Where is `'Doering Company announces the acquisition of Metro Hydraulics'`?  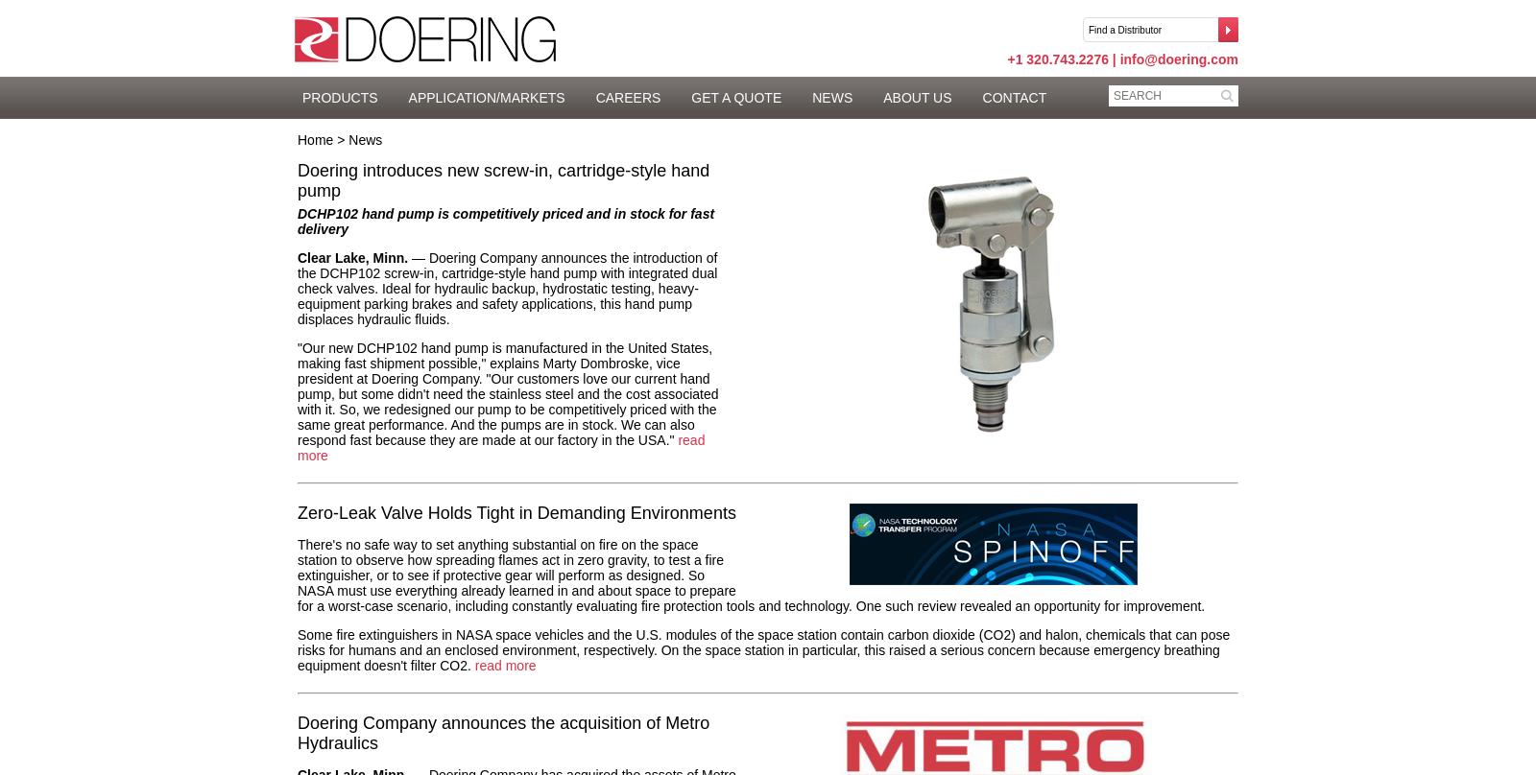 'Doering Company announces the acquisition of Metro Hydraulics' is located at coordinates (502, 732).